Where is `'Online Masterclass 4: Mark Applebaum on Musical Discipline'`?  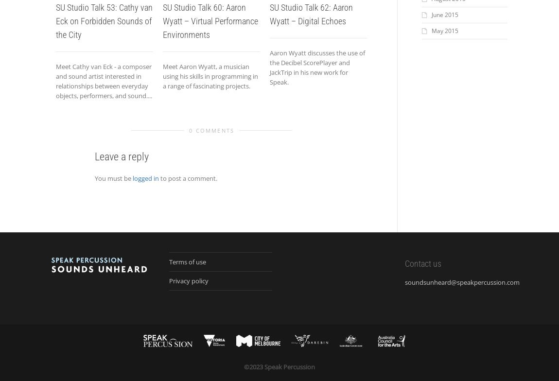 'Online Masterclass 4: Mark Applebaum on Musical Discipline' is located at coordinates (422, 21).